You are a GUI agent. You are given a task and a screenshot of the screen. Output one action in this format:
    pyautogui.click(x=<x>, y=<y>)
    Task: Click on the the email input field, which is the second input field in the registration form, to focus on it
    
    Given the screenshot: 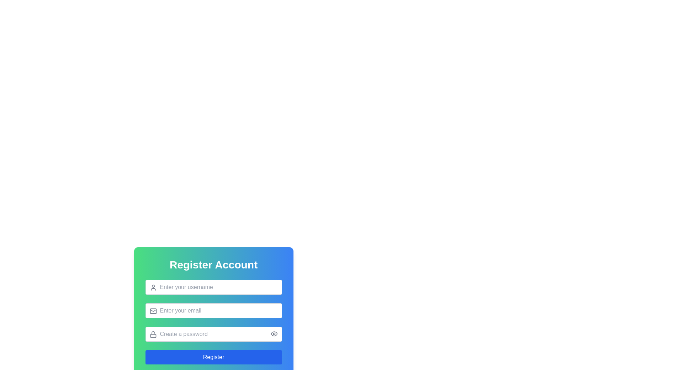 What is the action you would take?
    pyautogui.click(x=213, y=304)
    